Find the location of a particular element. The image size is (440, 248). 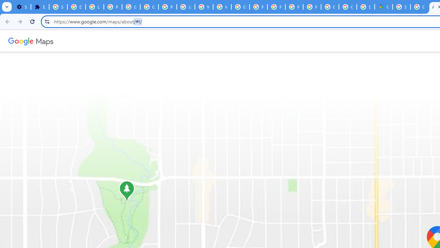

'Sign in - Google Accounts' is located at coordinates (58, 7).